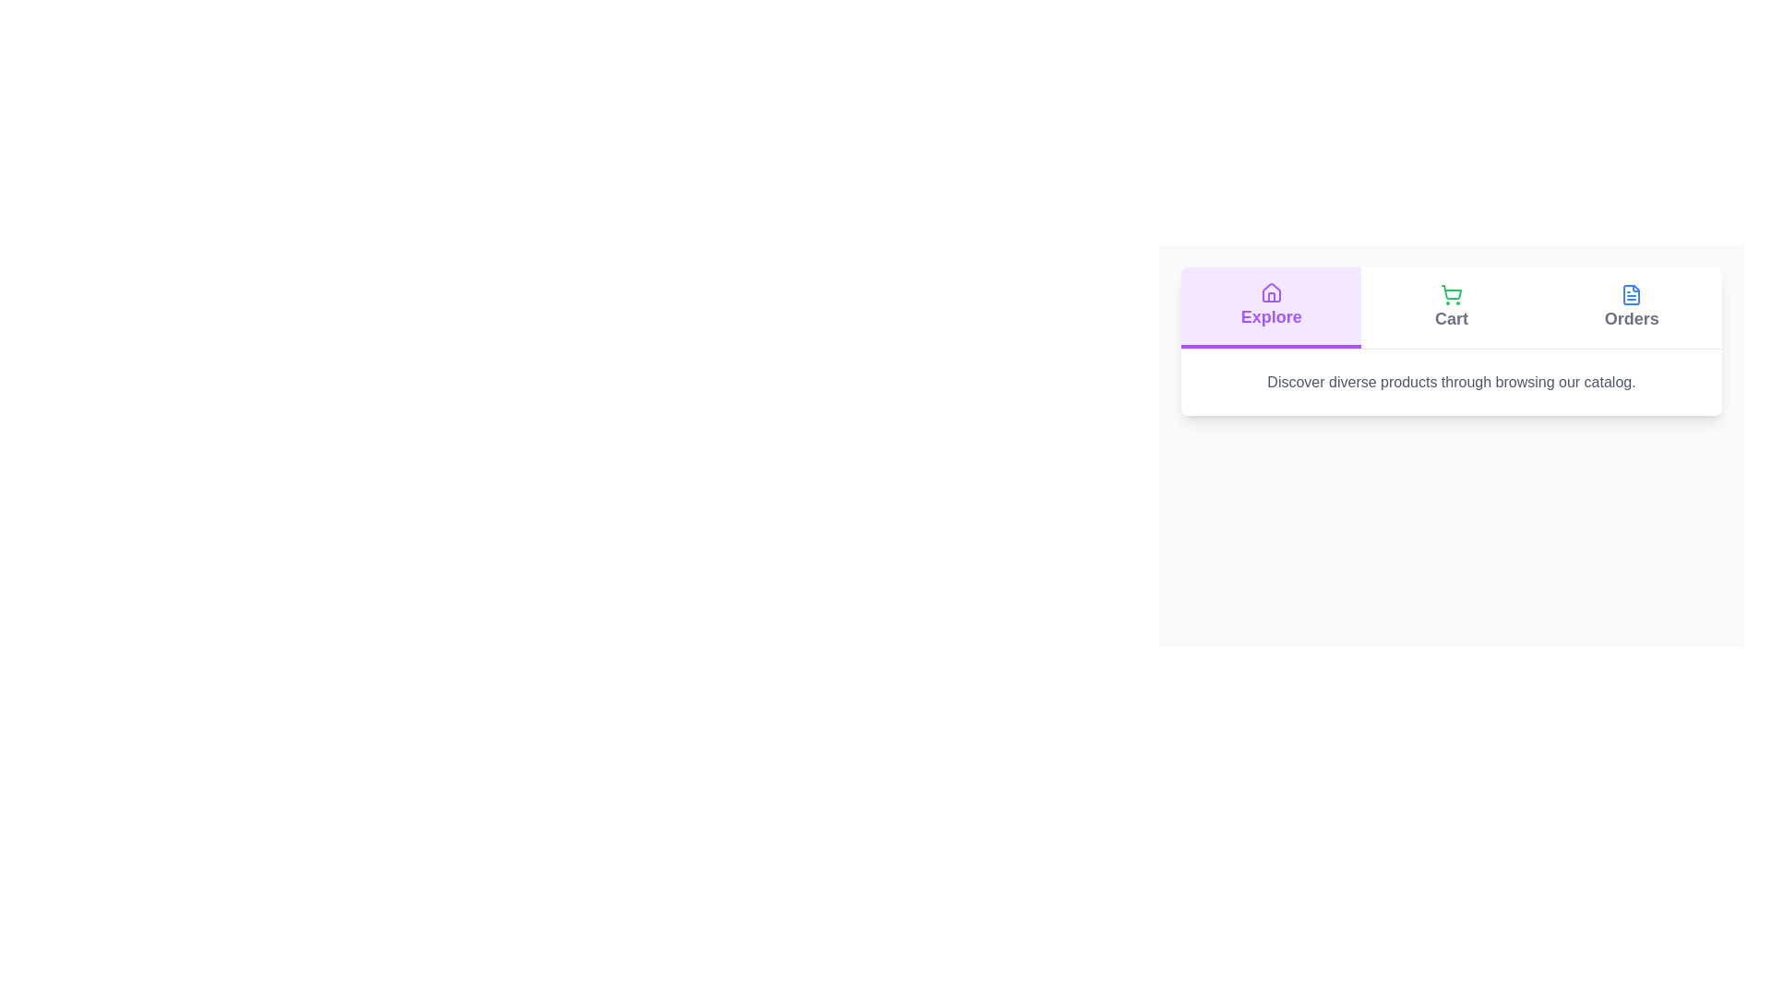 Image resolution: width=1772 pixels, height=996 pixels. I want to click on the icon for the Explore tab to examine its visual representation, so click(1270, 291).